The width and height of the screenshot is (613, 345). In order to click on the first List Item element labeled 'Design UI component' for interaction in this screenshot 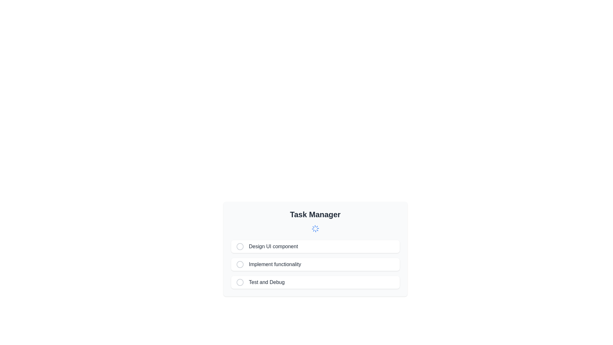, I will do `click(315, 246)`.